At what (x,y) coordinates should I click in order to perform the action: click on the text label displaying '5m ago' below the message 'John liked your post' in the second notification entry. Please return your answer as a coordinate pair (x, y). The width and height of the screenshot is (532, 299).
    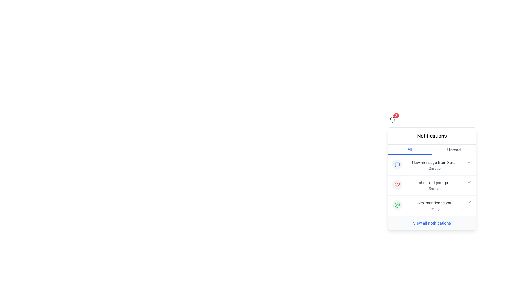
    Looking at the image, I should click on (434, 189).